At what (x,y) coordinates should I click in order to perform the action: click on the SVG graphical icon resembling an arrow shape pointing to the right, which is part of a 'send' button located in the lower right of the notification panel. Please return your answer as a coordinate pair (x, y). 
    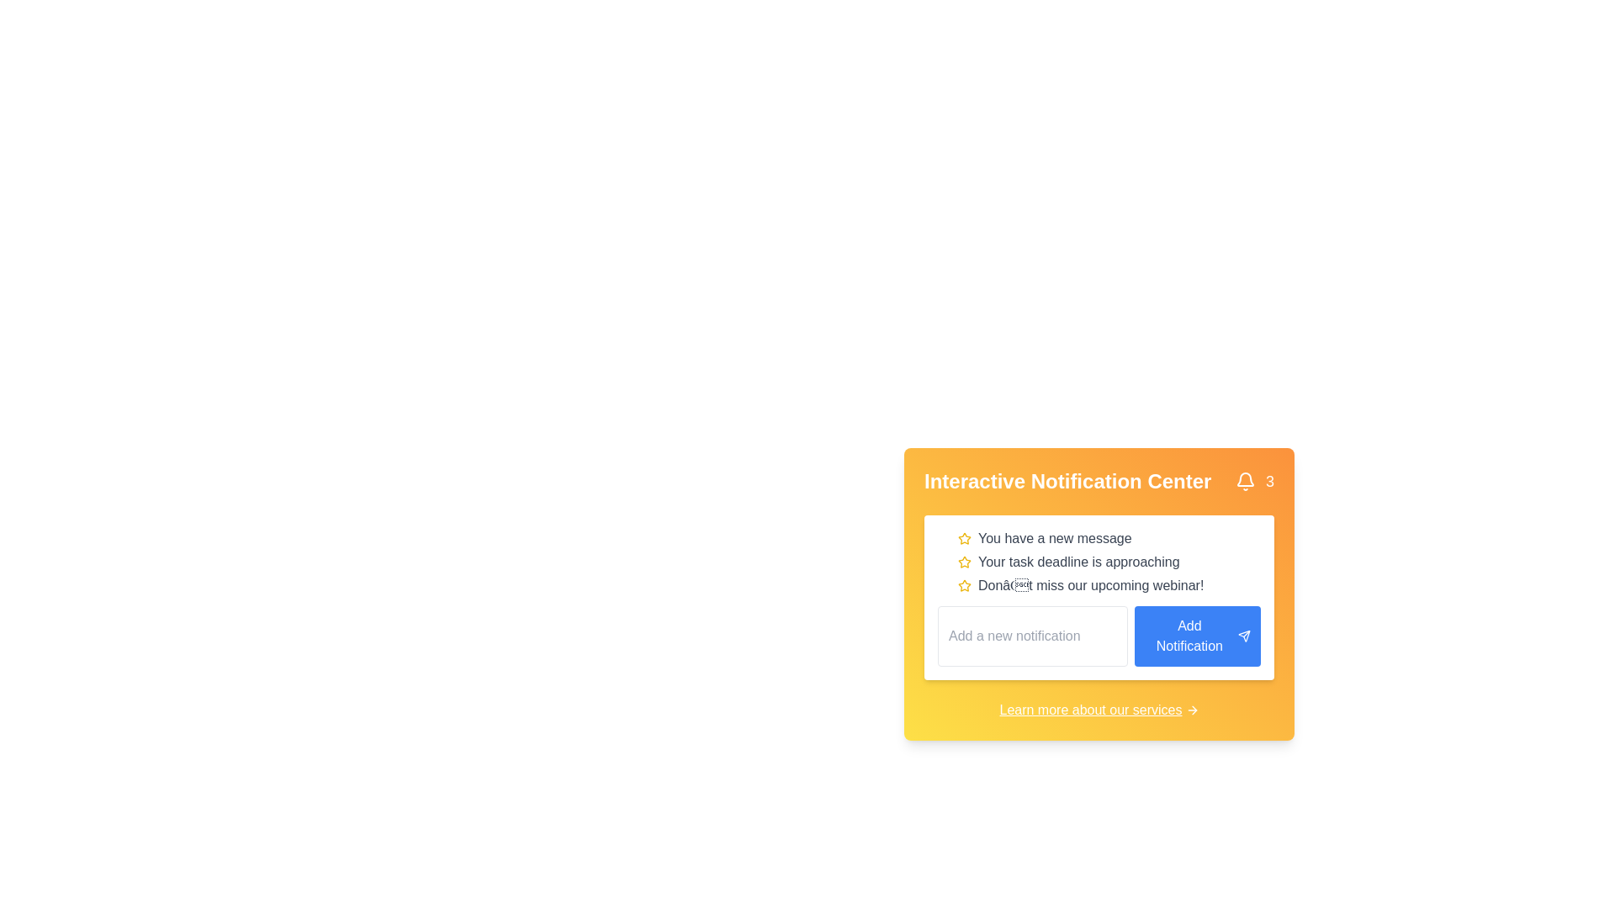
    Looking at the image, I should click on (1244, 636).